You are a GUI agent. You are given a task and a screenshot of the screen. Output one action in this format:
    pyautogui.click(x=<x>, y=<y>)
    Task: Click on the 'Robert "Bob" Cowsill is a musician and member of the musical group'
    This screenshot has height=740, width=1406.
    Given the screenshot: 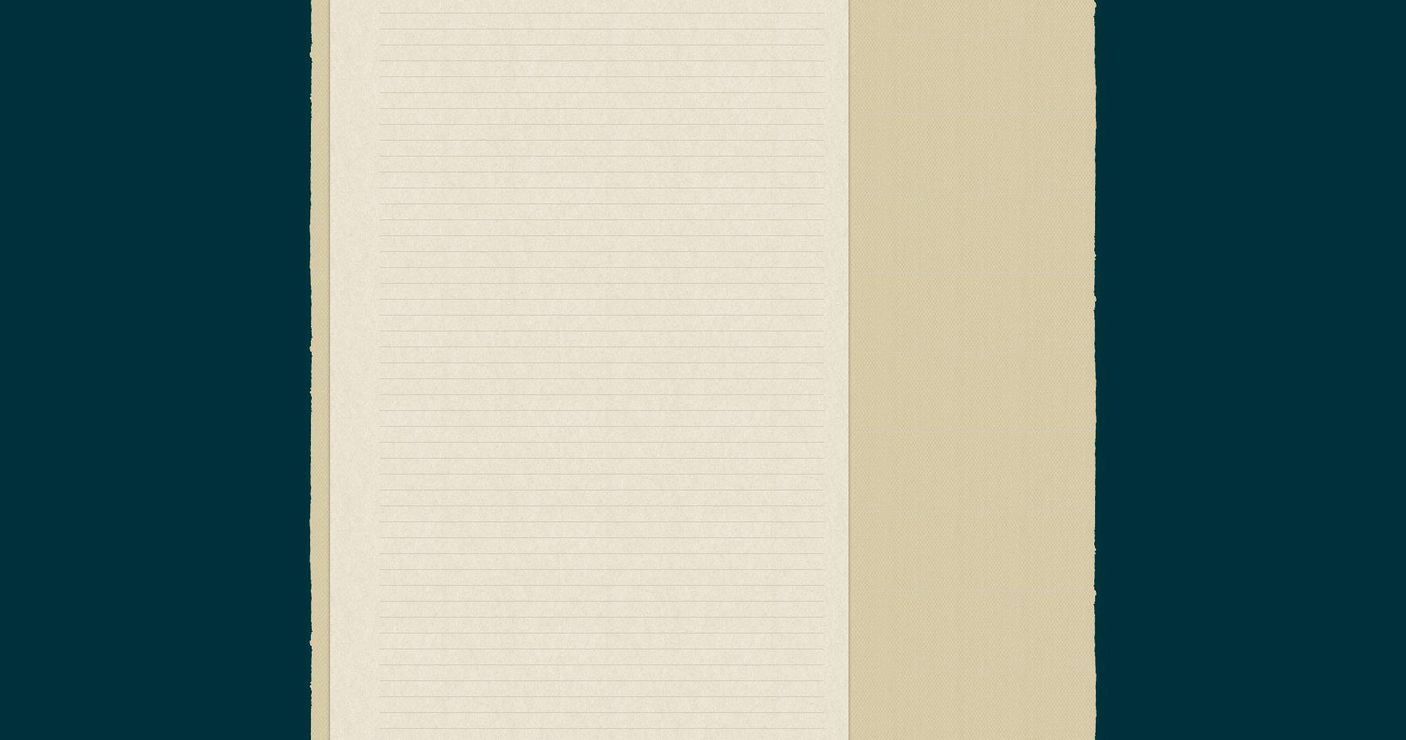 What is the action you would take?
    pyautogui.click(x=377, y=565)
    